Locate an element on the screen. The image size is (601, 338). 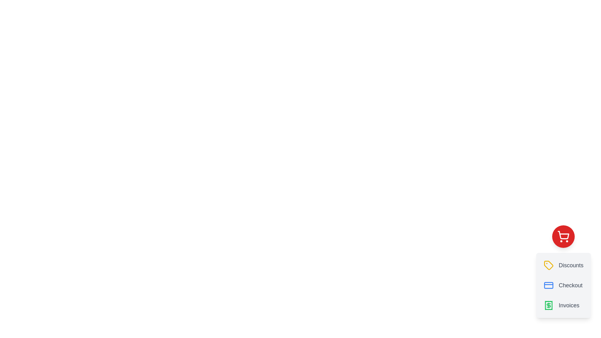
the button labeled Discounts to observe its hover effect or tooltip is located at coordinates (563, 265).